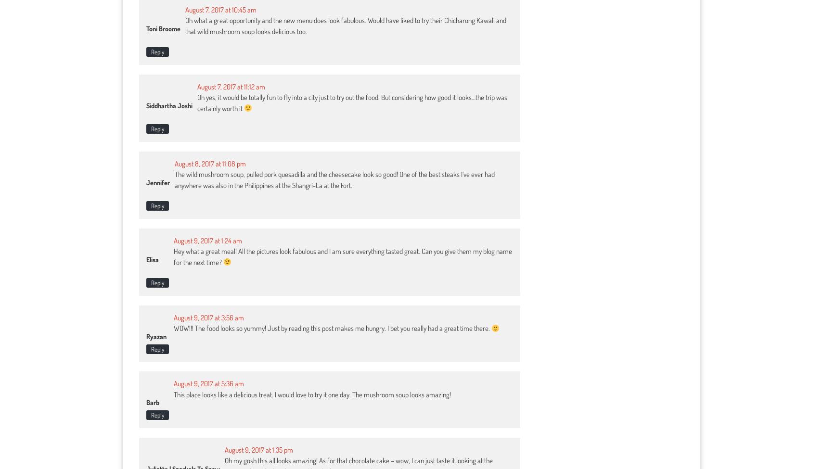 The image size is (823, 469). Describe the element at coordinates (208, 383) in the screenshot. I see `'August 9, 2017 at 5:36 am'` at that location.